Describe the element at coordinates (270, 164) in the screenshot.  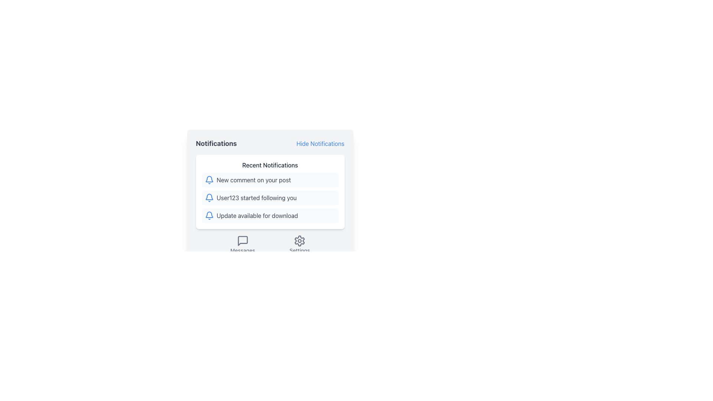
I see `text label that serves as a header for the notification section, indicating that the subsequent list contains recent notifications` at that location.